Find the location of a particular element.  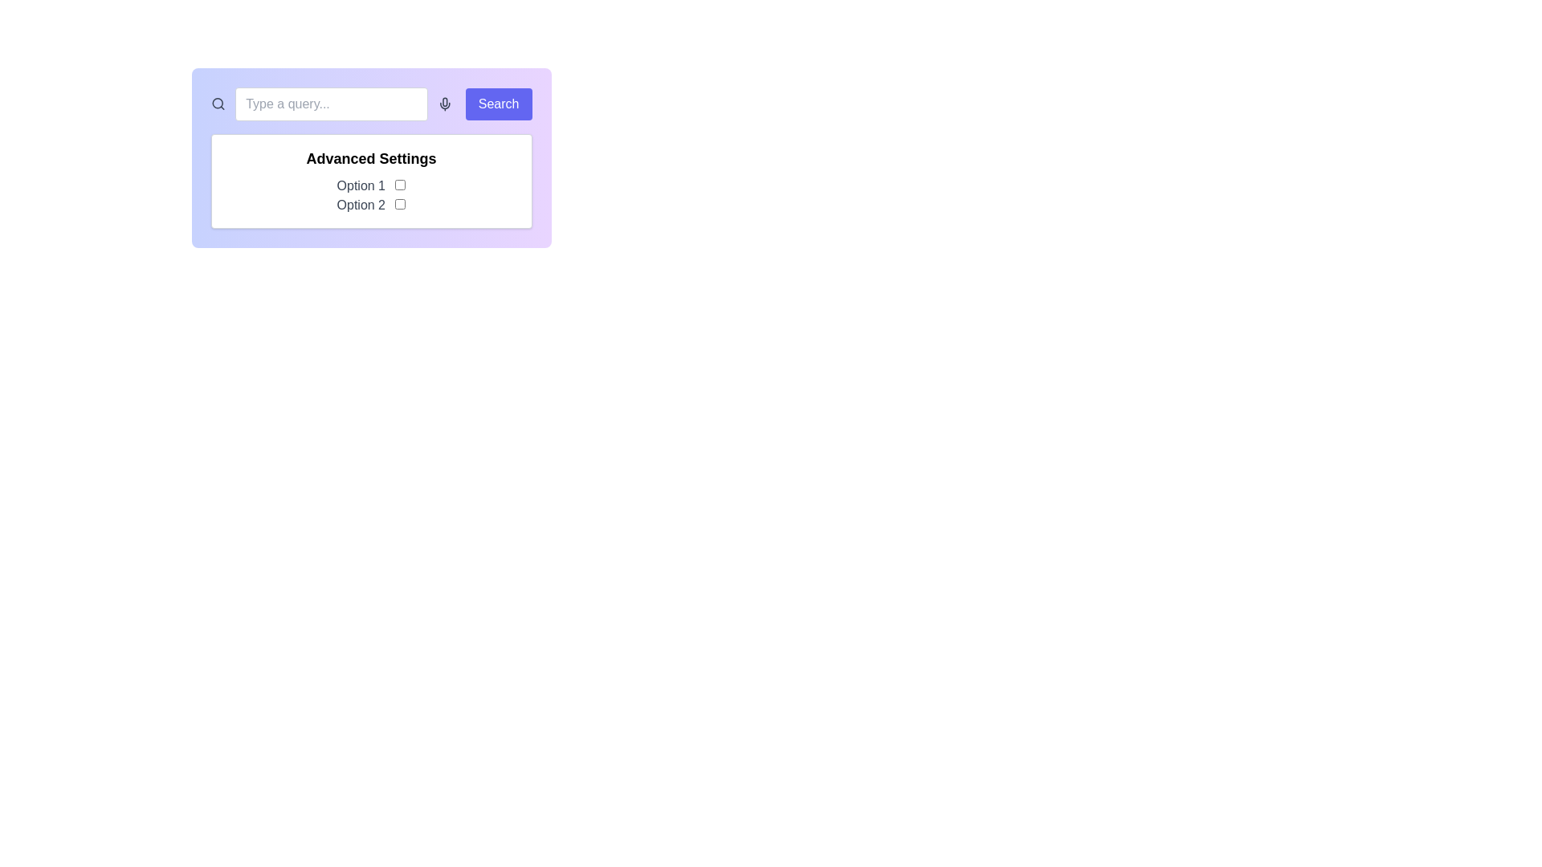

the checkbox labeled 'Option 2' located is located at coordinates (401, 203).